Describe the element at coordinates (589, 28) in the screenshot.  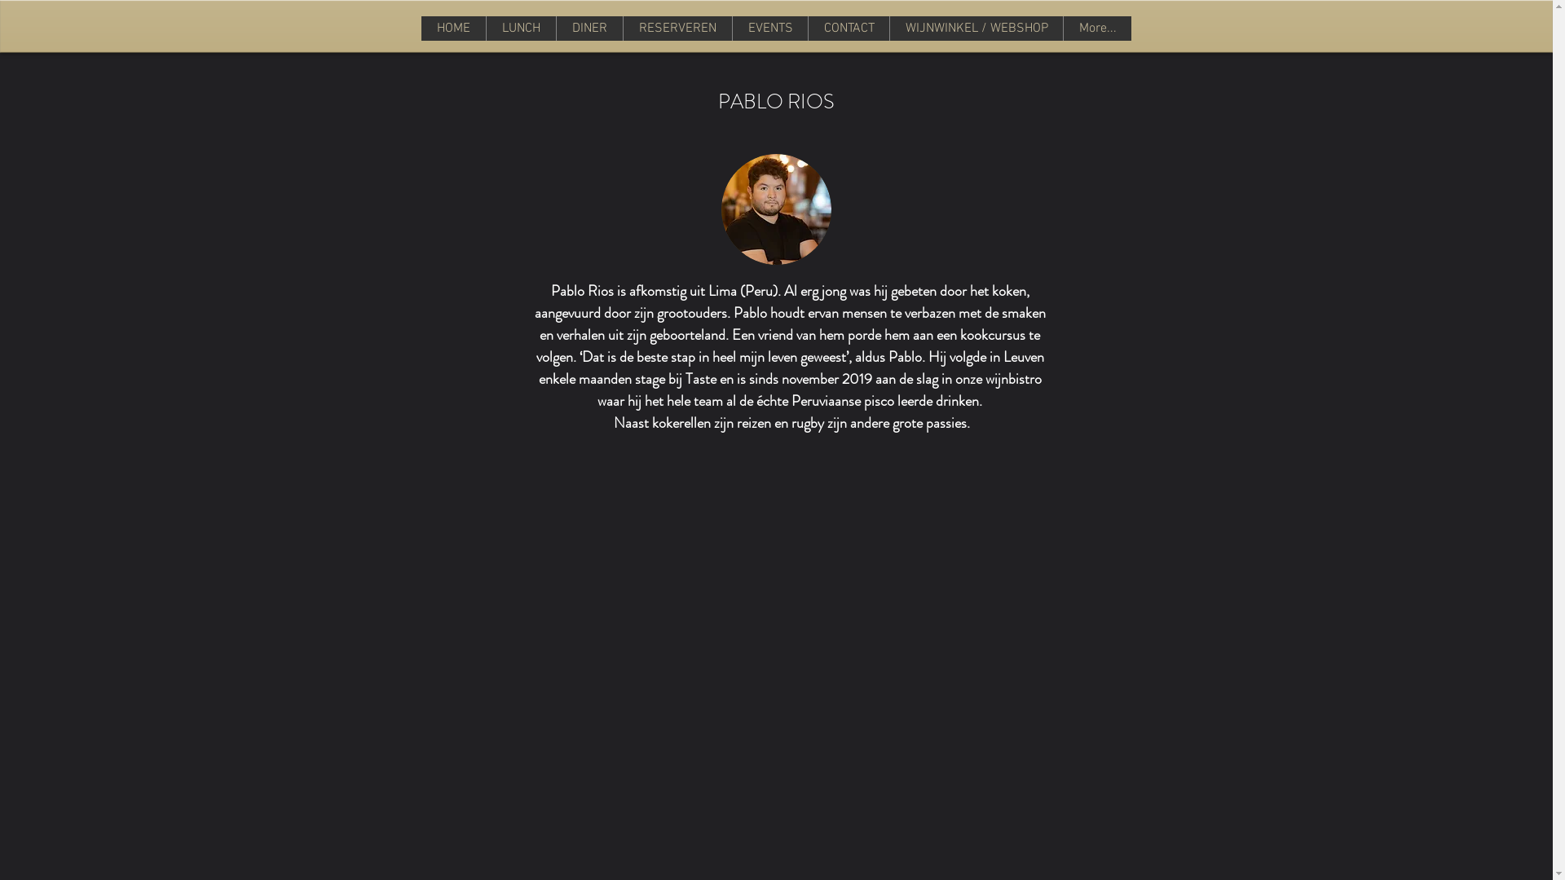
I see `'DINER'` at that location.